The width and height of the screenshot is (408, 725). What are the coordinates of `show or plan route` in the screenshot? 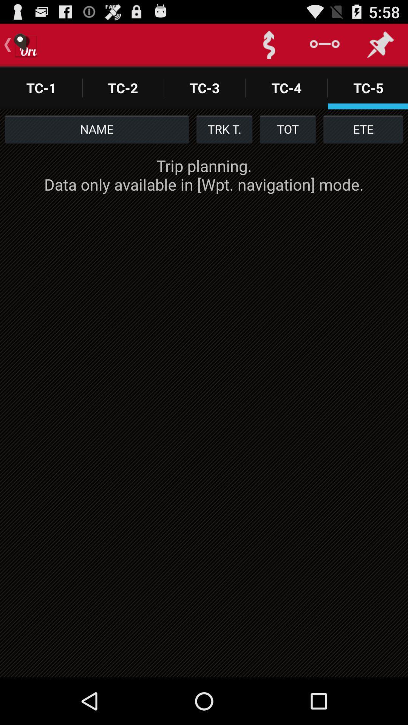 It's located at (269, 45).